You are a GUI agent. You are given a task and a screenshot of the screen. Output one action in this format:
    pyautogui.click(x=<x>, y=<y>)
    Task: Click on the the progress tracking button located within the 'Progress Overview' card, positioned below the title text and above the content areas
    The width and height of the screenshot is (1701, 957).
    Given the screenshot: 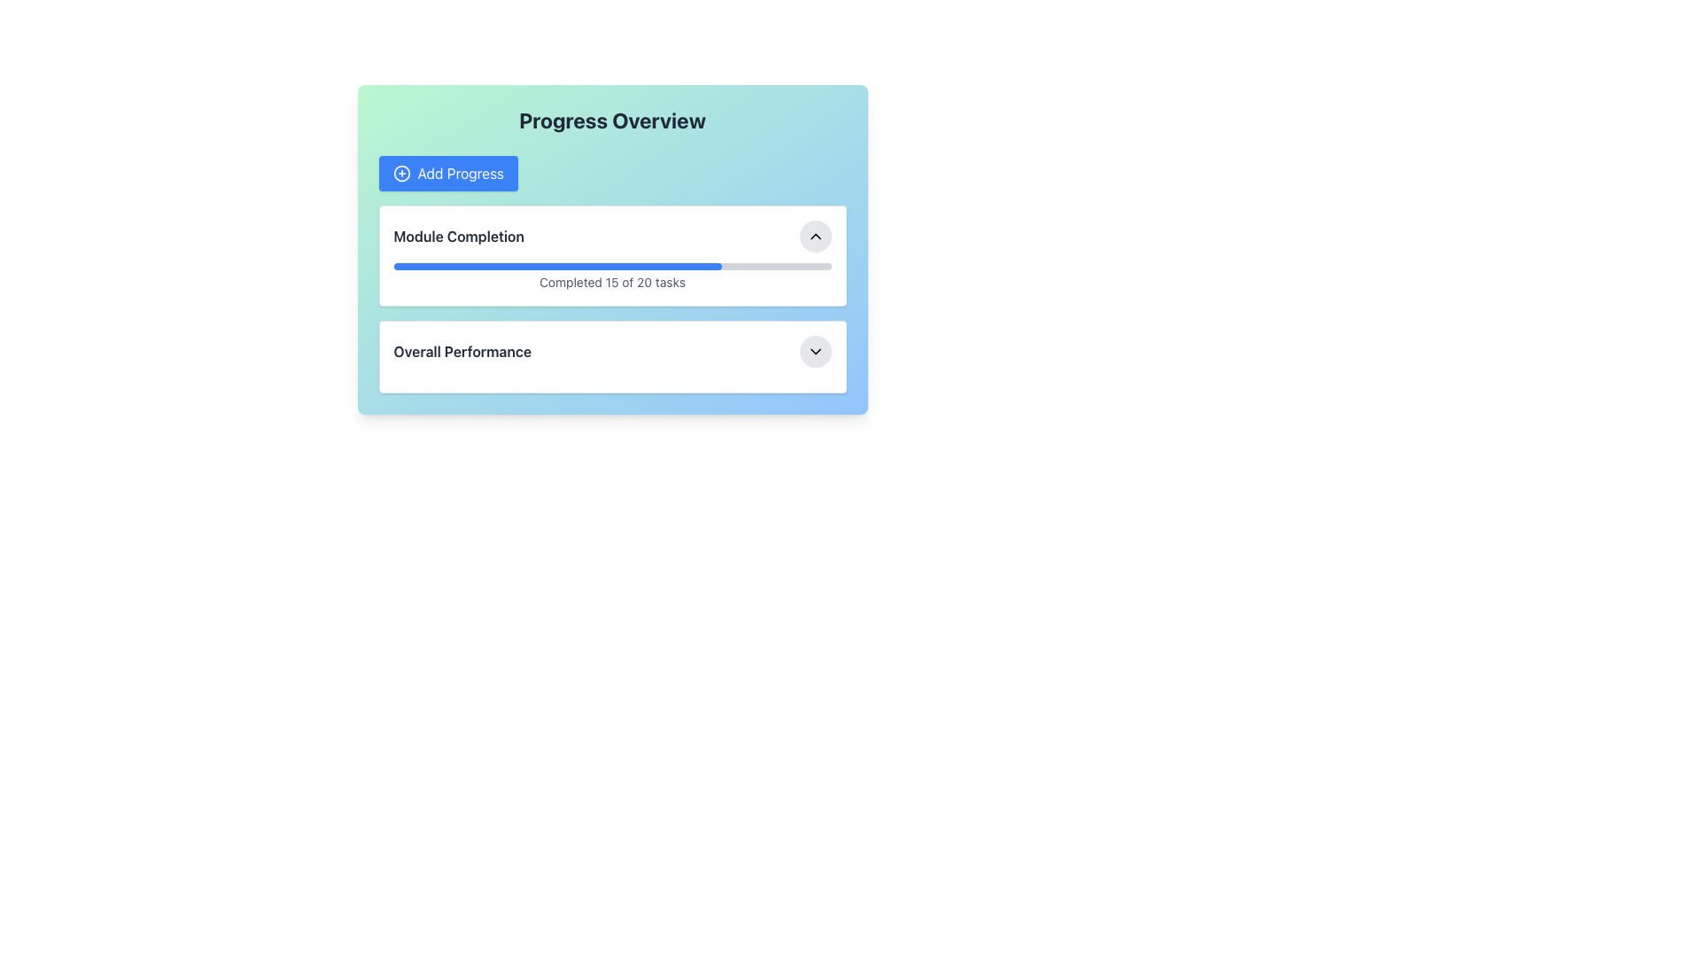 What is the action you would take?
    pyautogui.click(x=448, y=174)
    